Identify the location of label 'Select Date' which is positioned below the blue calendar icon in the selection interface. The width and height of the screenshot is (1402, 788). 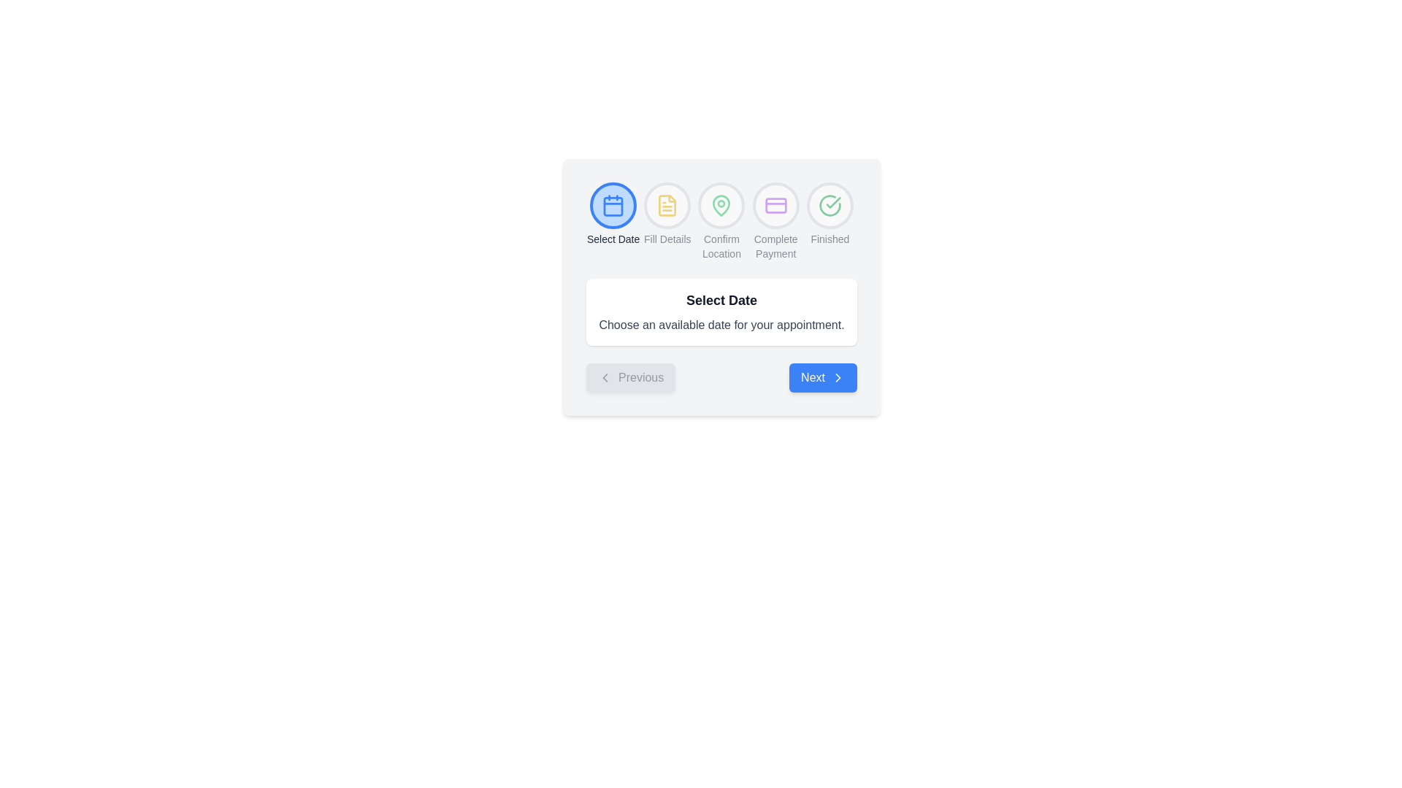
(613, 238).